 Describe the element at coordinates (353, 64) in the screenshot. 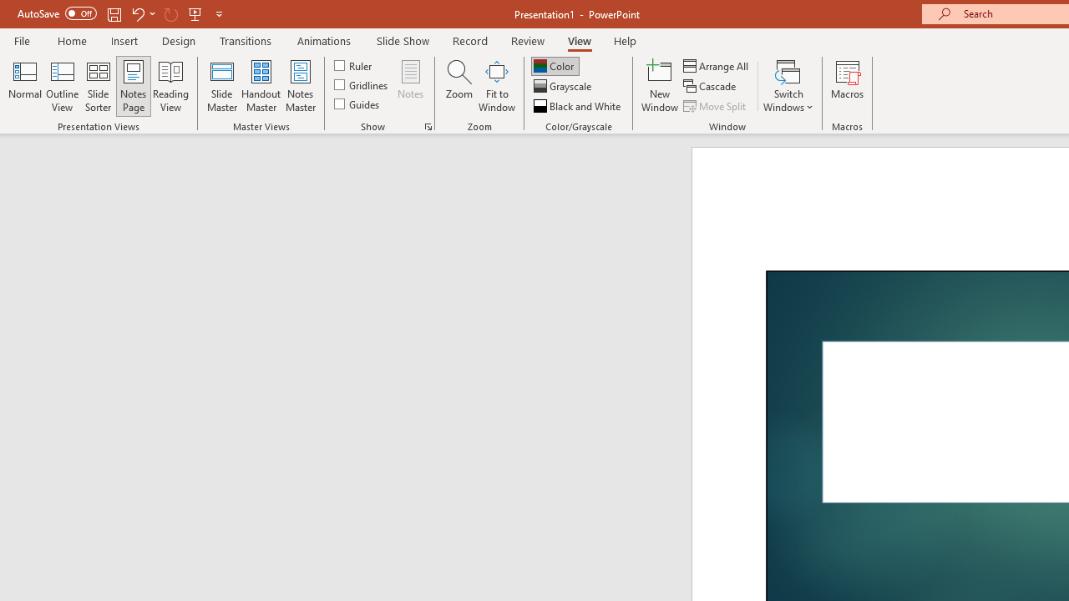

I see `'Ruler'` at that location.